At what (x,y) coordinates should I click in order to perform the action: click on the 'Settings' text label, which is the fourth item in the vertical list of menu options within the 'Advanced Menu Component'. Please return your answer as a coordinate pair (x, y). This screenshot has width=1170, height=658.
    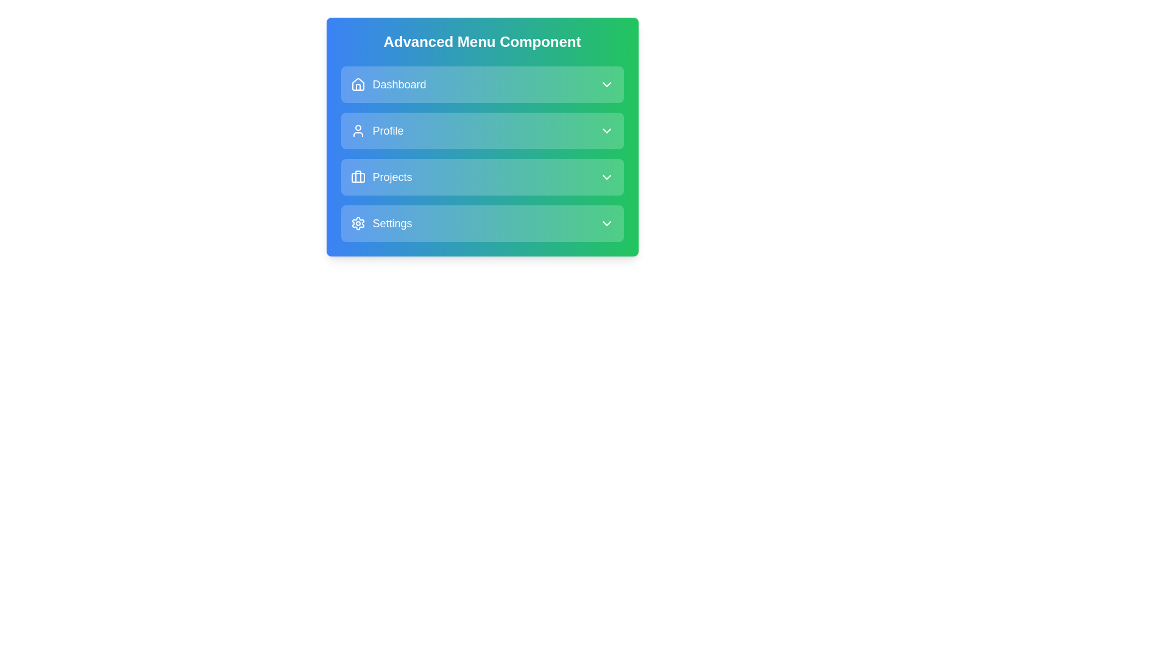
    Looking at the image, I should click on (392, 223).